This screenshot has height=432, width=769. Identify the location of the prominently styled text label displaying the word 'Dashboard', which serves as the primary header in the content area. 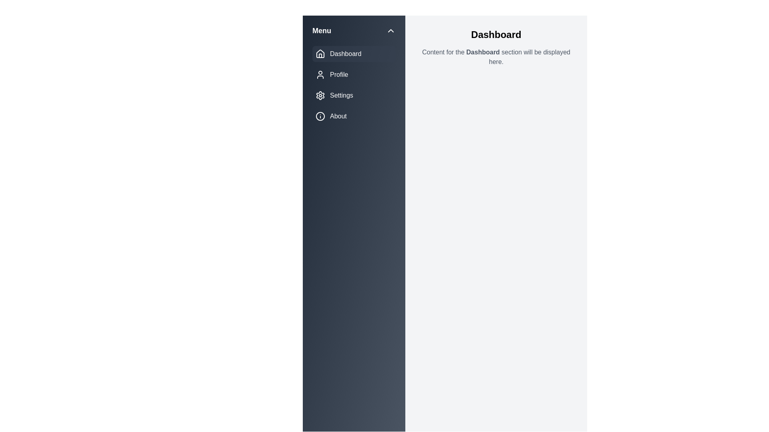
(495, 34).